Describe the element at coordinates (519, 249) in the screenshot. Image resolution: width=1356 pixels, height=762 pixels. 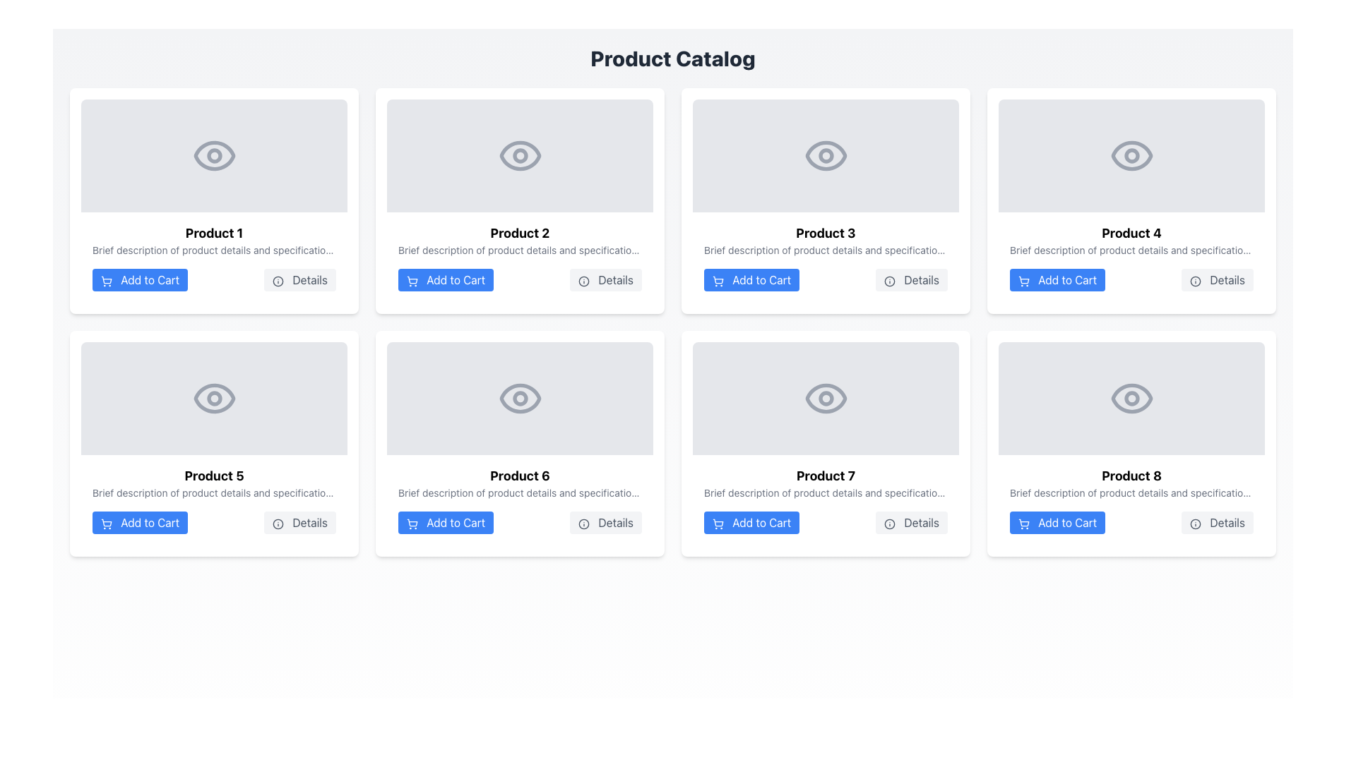
I see `textual description provided by the Text label located in the second row and second column of the product grid, positioned directly below the product title 'Product 2'` at that location.